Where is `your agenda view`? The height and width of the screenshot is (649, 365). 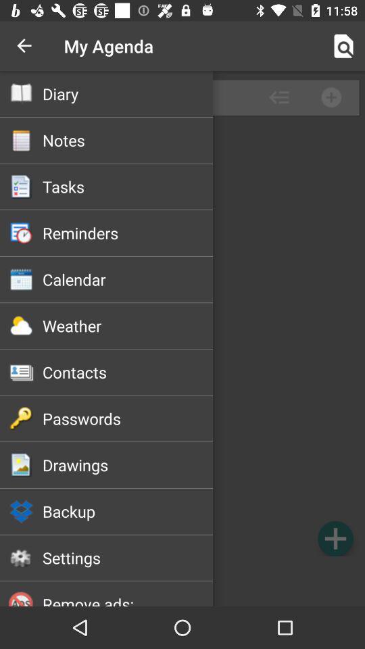
your agenda view is located at coordinates (182, 338).